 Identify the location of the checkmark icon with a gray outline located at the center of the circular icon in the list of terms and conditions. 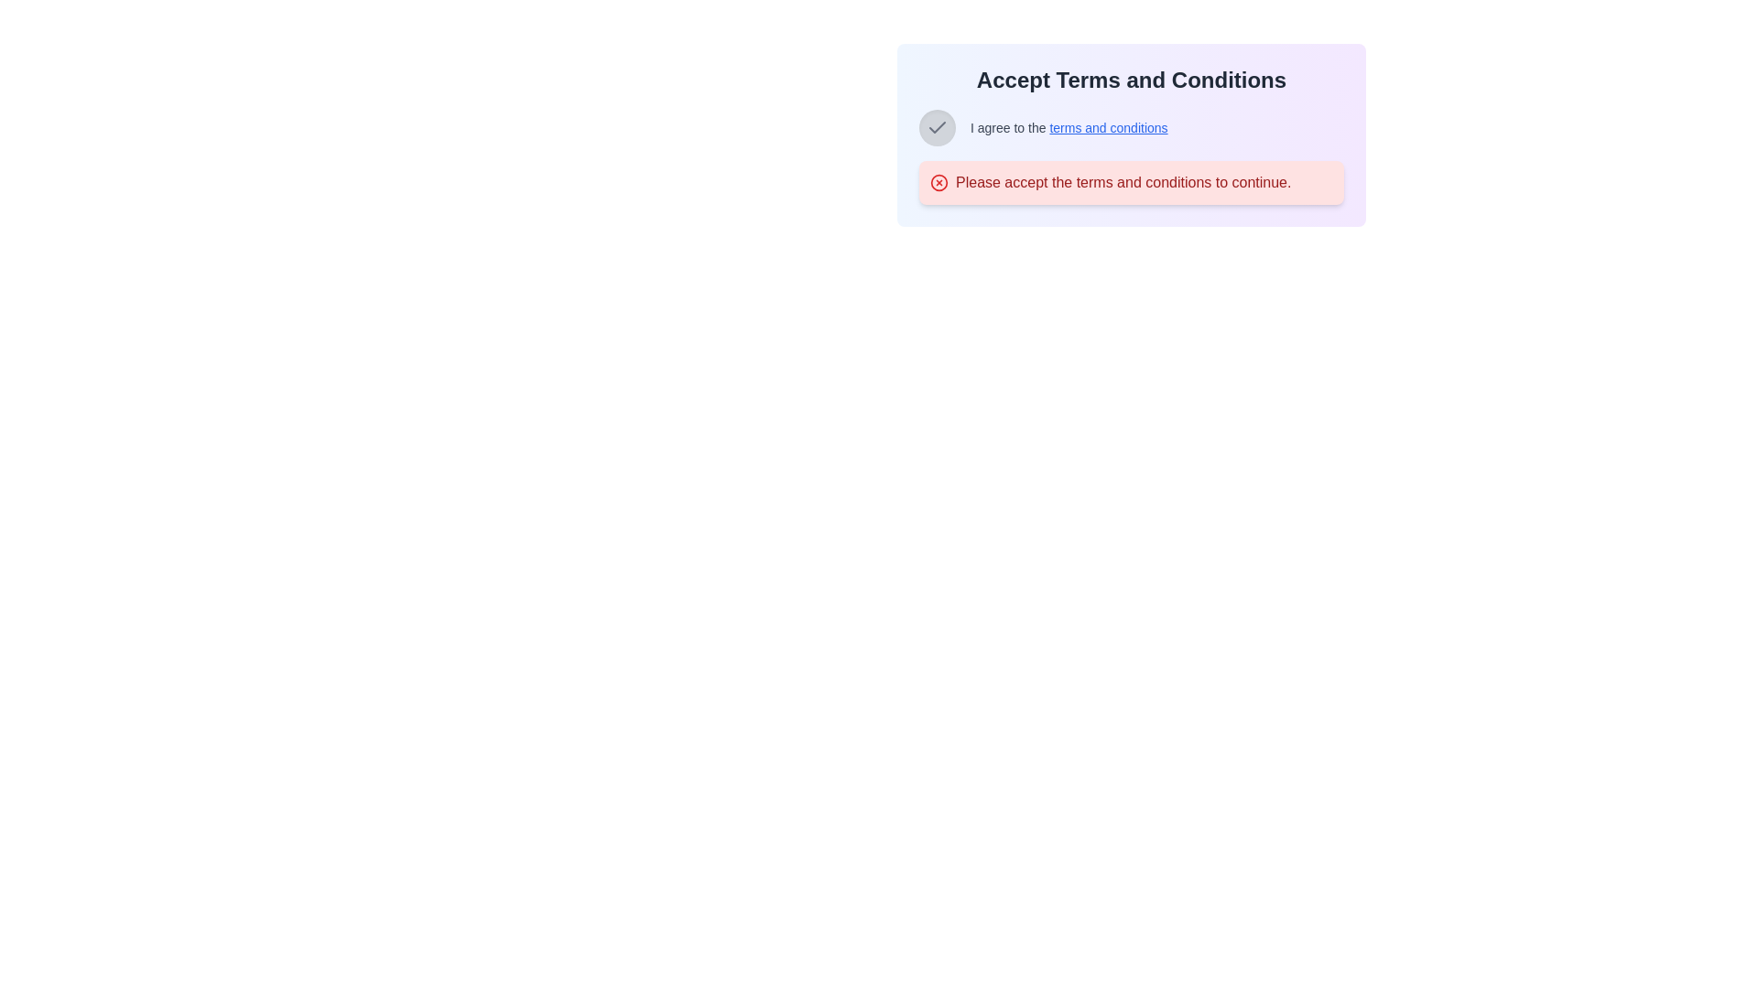
(937, 126).